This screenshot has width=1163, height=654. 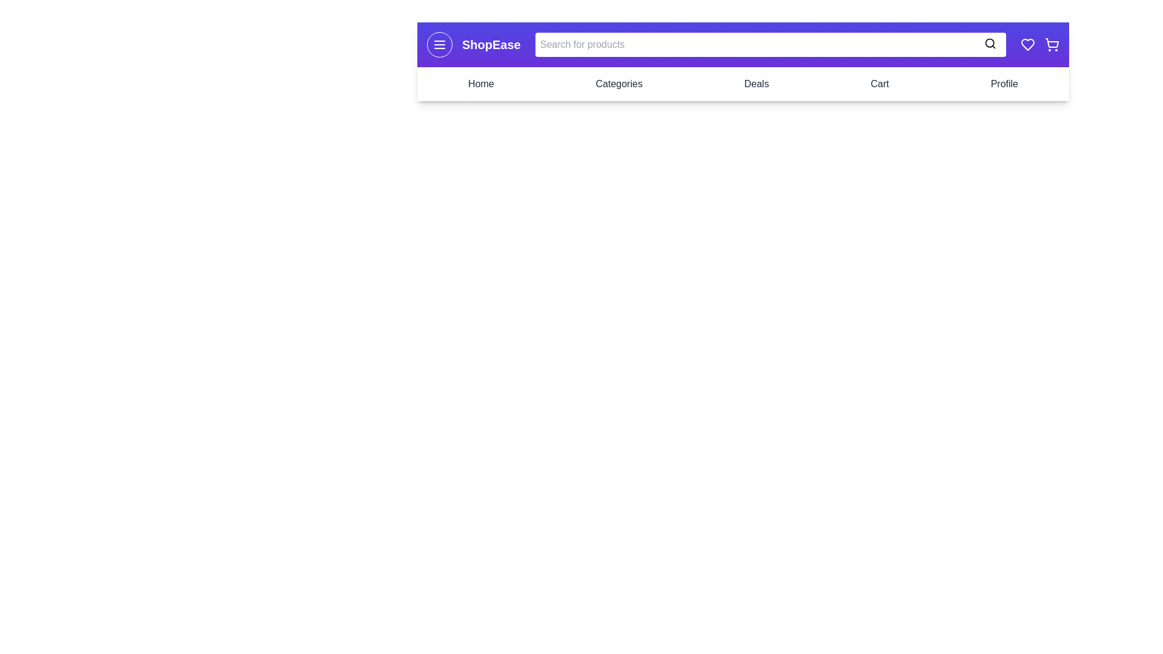 I want to click on the shopping cart icon to open the cart, so click(x=1052, y=44).